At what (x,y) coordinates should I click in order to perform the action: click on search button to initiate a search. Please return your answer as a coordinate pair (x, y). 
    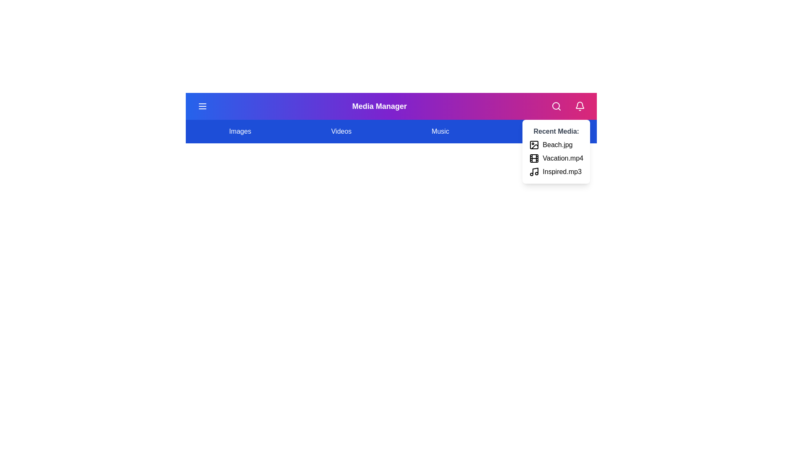
    Looking at the image, I should click on (556, 106).